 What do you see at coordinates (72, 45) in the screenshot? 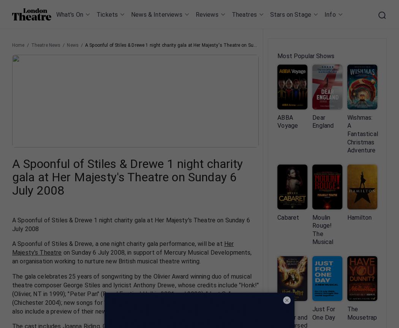
I see `'News'` at bounding box center [72, 45].